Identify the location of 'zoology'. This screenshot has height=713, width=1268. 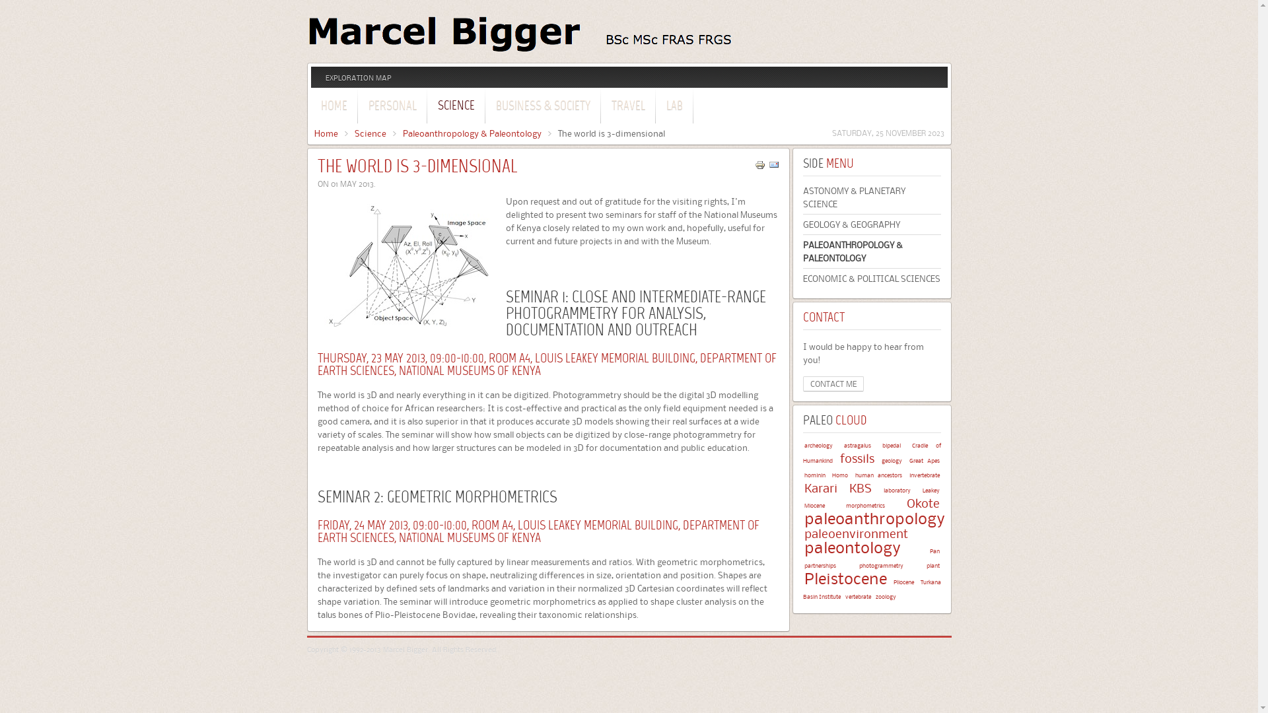
(886, 596).